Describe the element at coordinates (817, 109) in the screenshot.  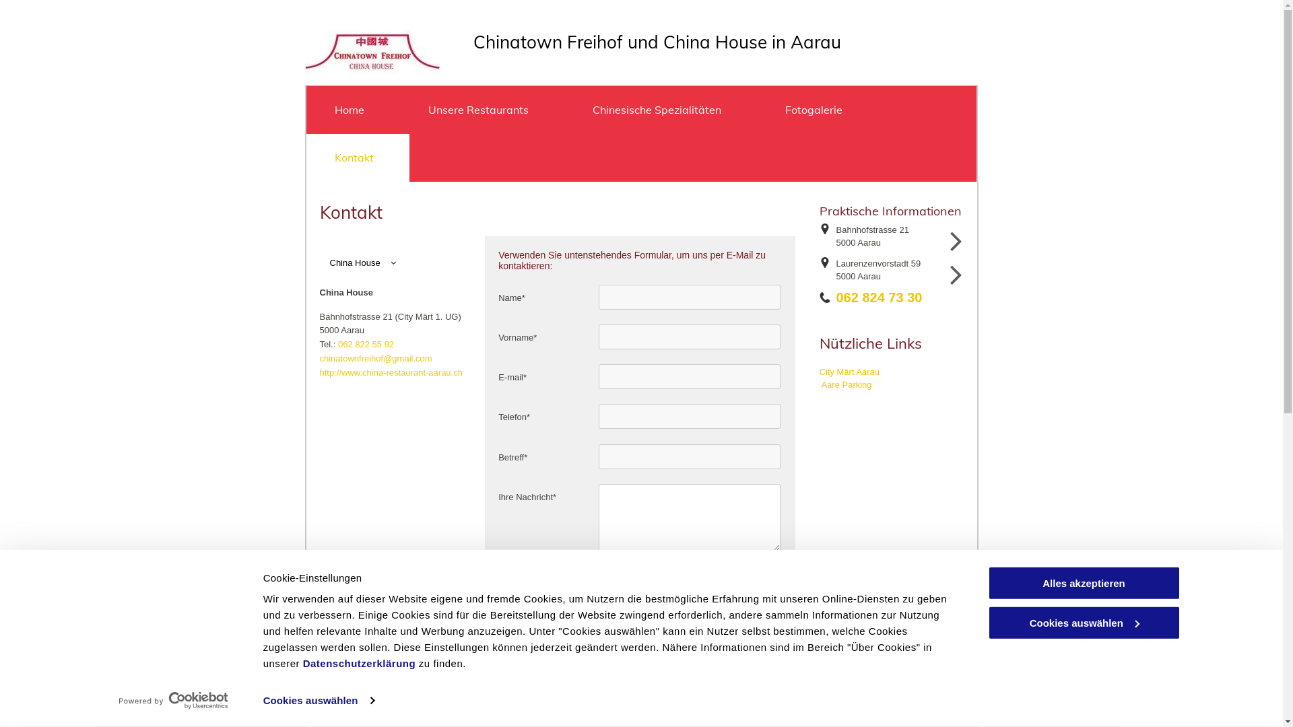
I see `'Fotogalerie'` at that location.